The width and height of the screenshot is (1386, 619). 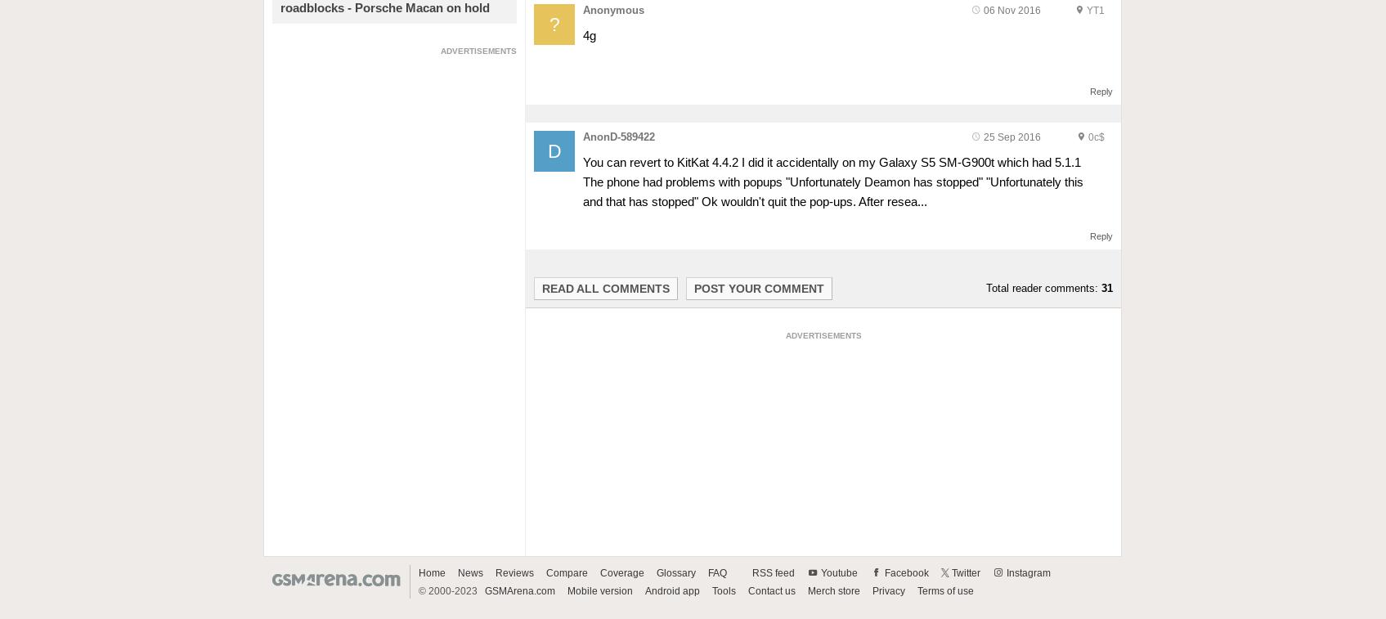 What do you see at coordinates (1087, 10) in the screenshot?
I see `'YT1'` at bounding box center [1087, 10].